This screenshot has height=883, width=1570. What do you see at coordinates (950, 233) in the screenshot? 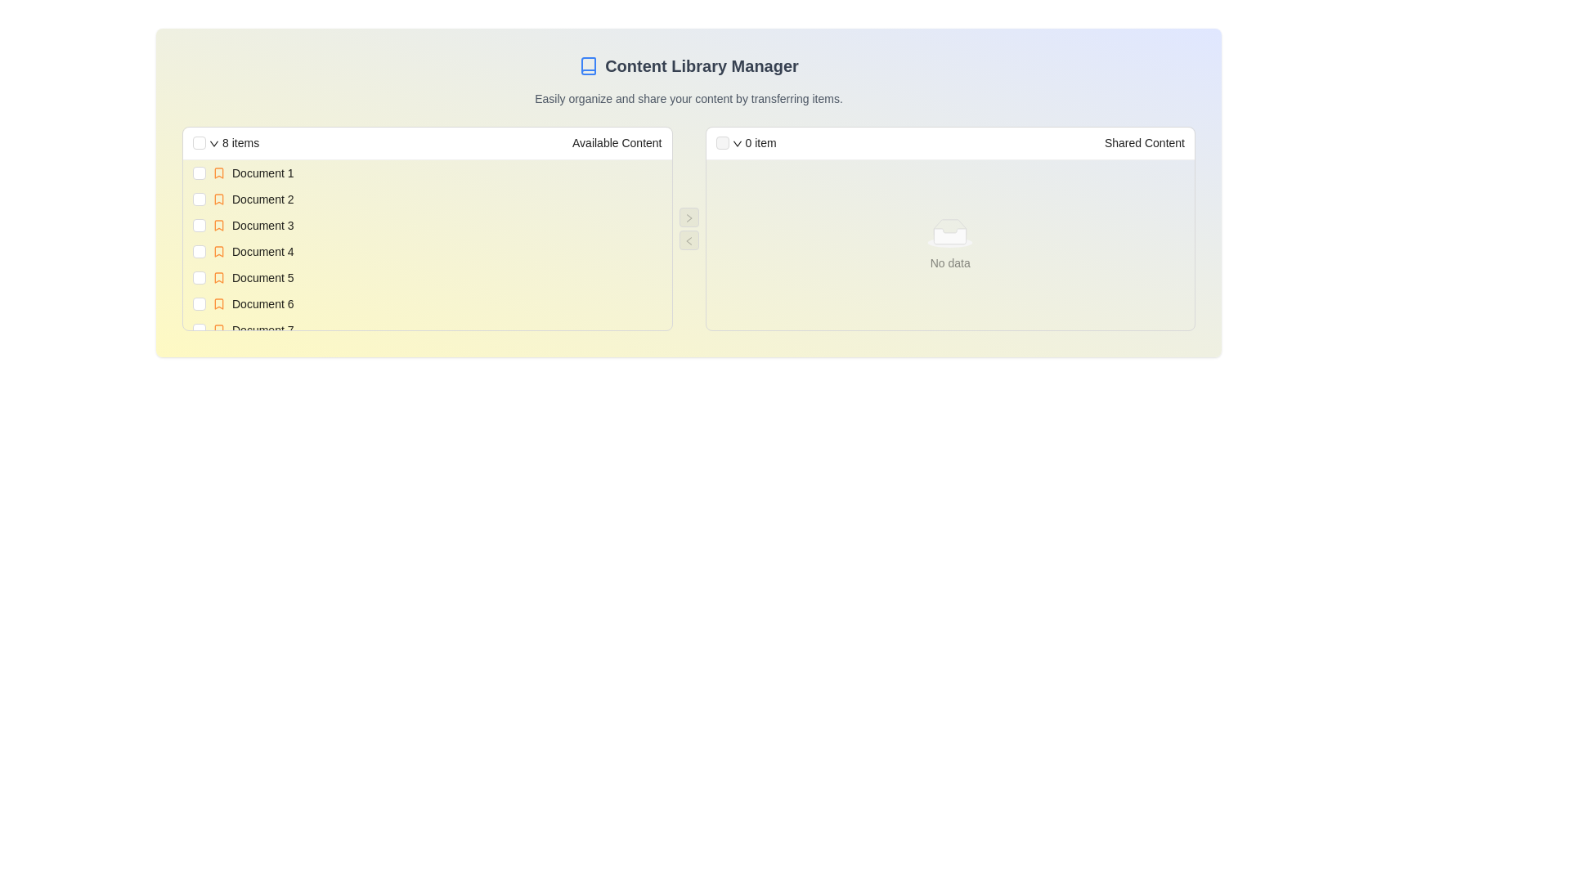
I see `textual information displayed in the empty state indicator labeled 'No data', which is located in the center of the 'Shared Content' section` at bounding box center [950, 233].